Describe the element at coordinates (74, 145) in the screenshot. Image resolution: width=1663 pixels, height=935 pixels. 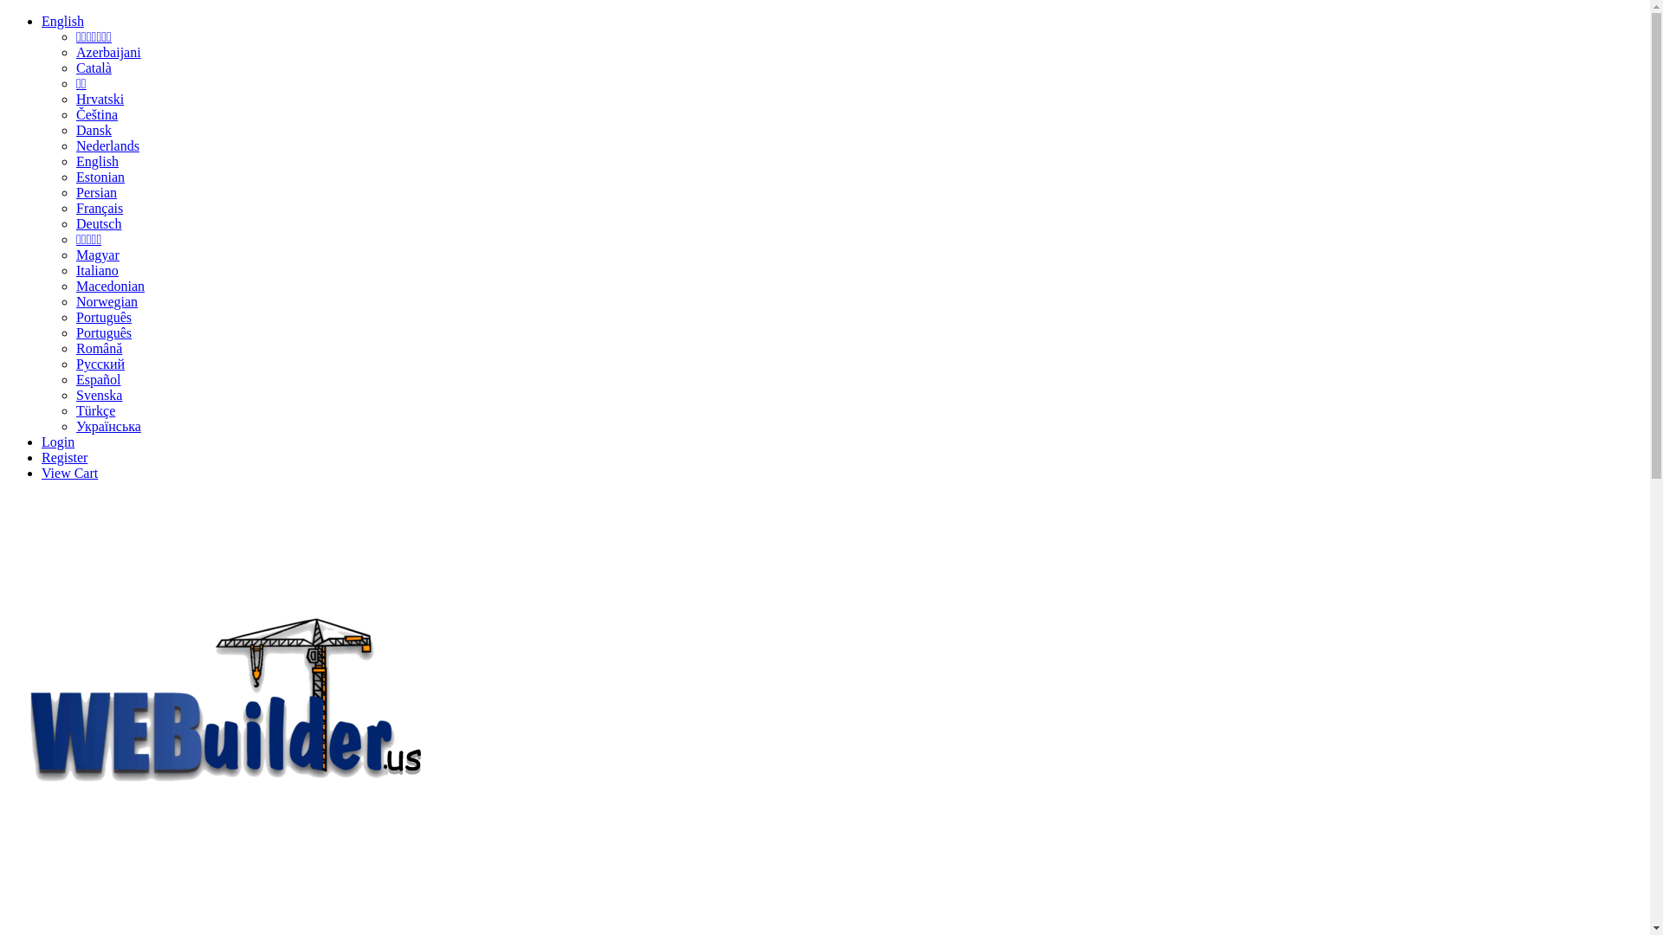
I see `'Nederlands'` at that location.